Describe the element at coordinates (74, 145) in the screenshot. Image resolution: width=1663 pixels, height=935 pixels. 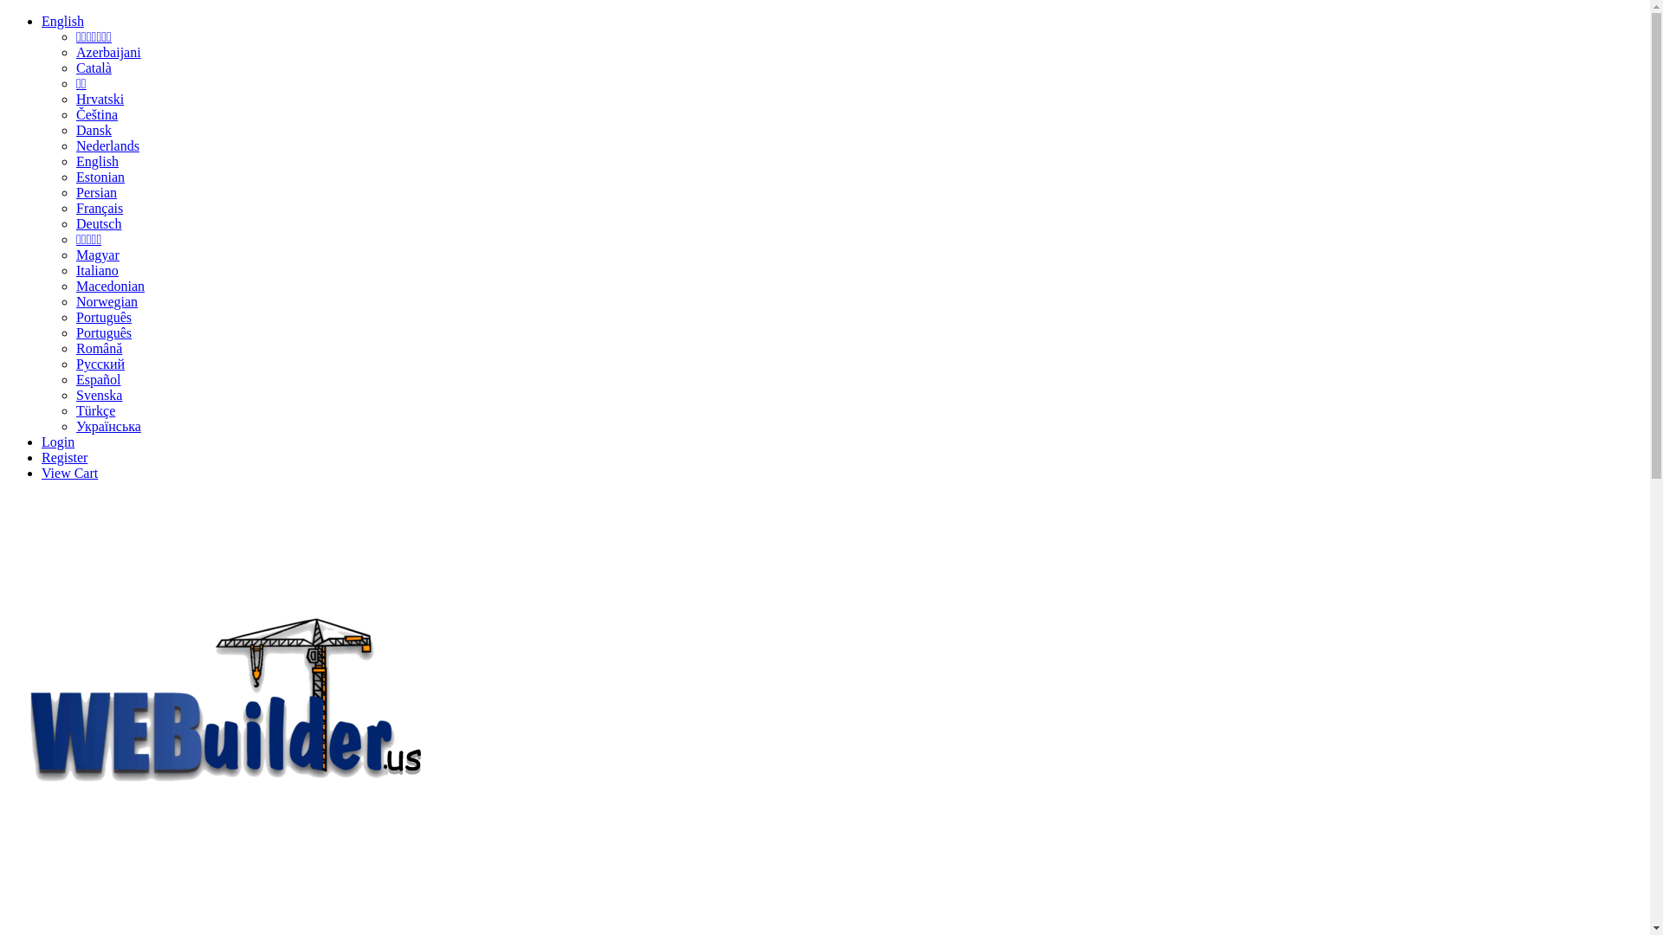
I see `'Nederlands'` at that location.